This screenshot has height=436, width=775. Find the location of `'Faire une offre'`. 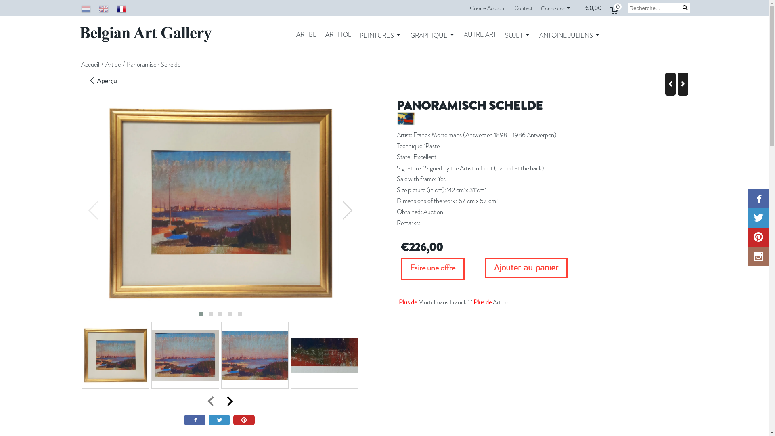

'Faire une offre' is located at coordinates (432, 269).